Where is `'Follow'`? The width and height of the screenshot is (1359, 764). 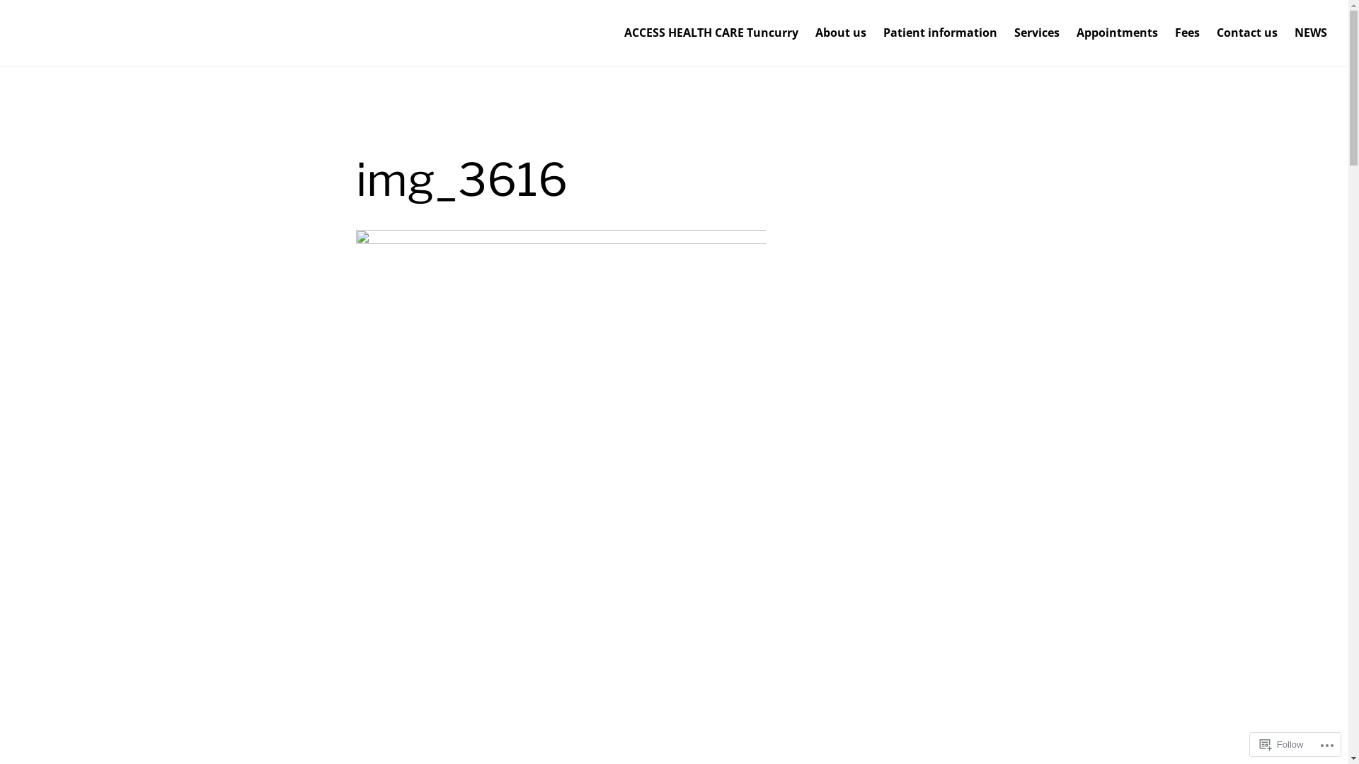
'Follow' is located at coordinates (1281, 743).